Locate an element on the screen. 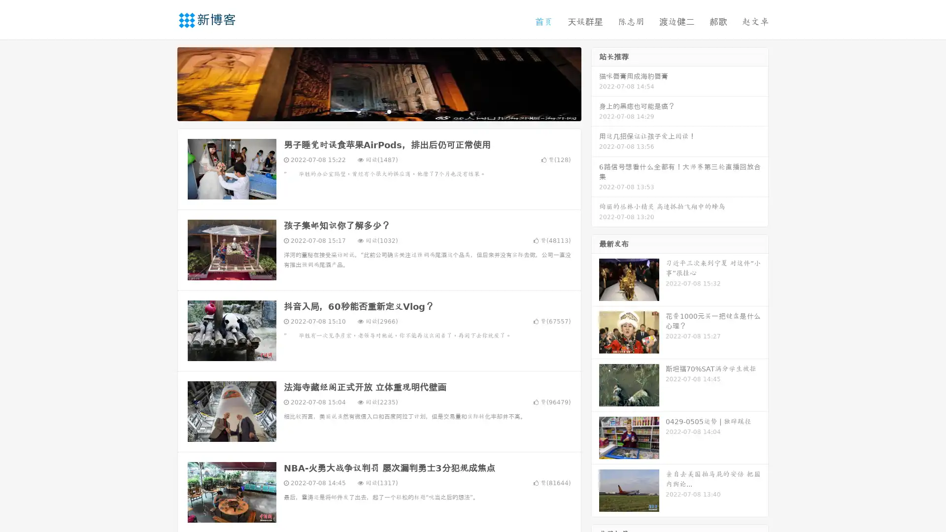 This screenshot has height=532, width=946. Go to slide 1 is located at coordinates (369, 111).